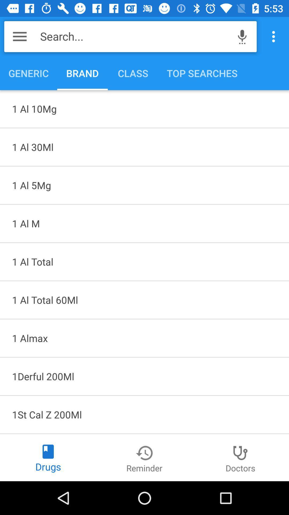  Describe the element at coordinates (144, 338) in the screenshot. I see `the item above 1derful 200ml icon` at that location.